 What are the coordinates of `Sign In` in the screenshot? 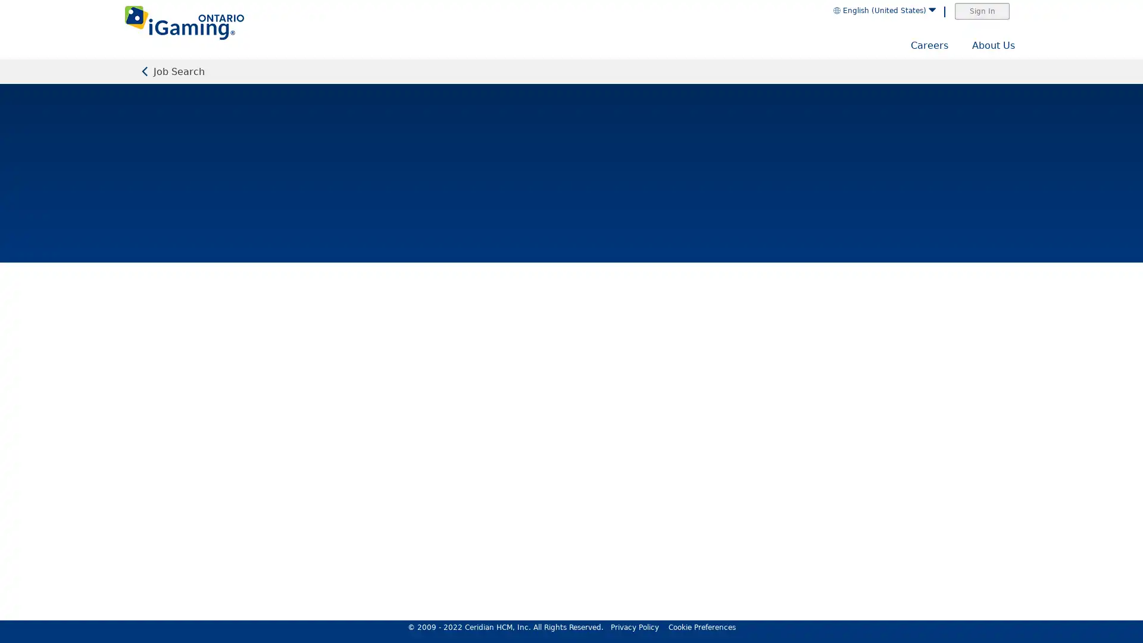 It's located at (982, 11).